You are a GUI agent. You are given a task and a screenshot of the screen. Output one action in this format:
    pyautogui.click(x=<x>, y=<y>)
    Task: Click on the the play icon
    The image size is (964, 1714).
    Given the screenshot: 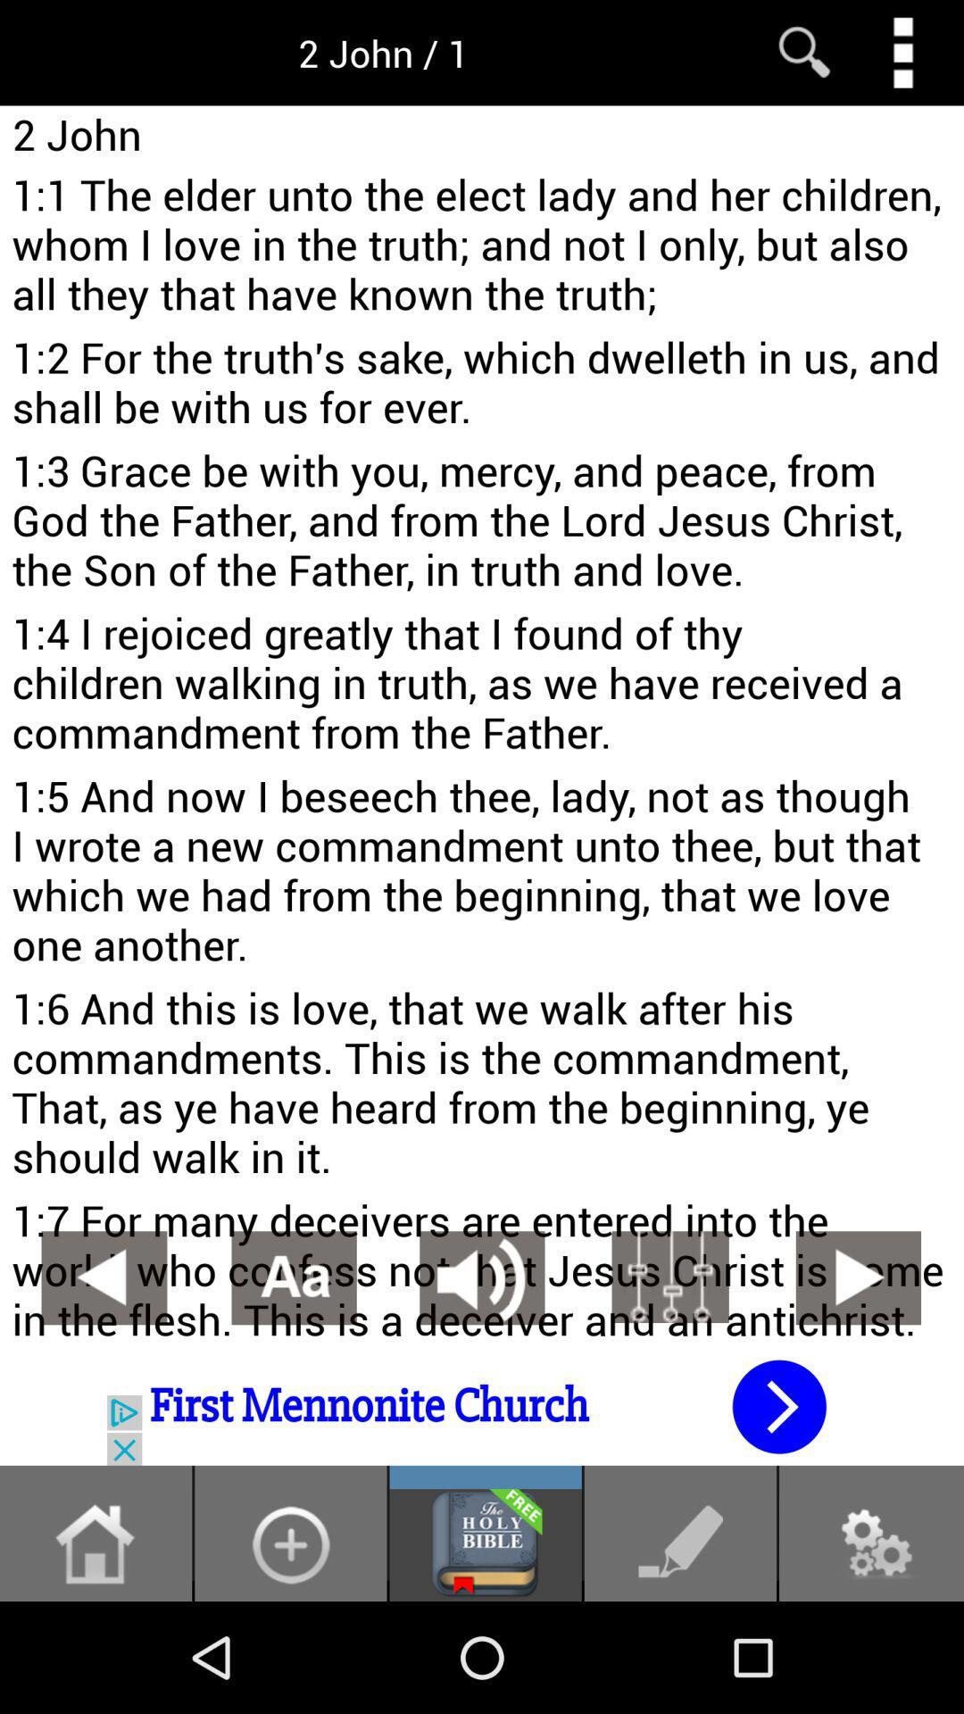 What is the action you would take?
    pyautogui.click(x=857, y=1367)
    